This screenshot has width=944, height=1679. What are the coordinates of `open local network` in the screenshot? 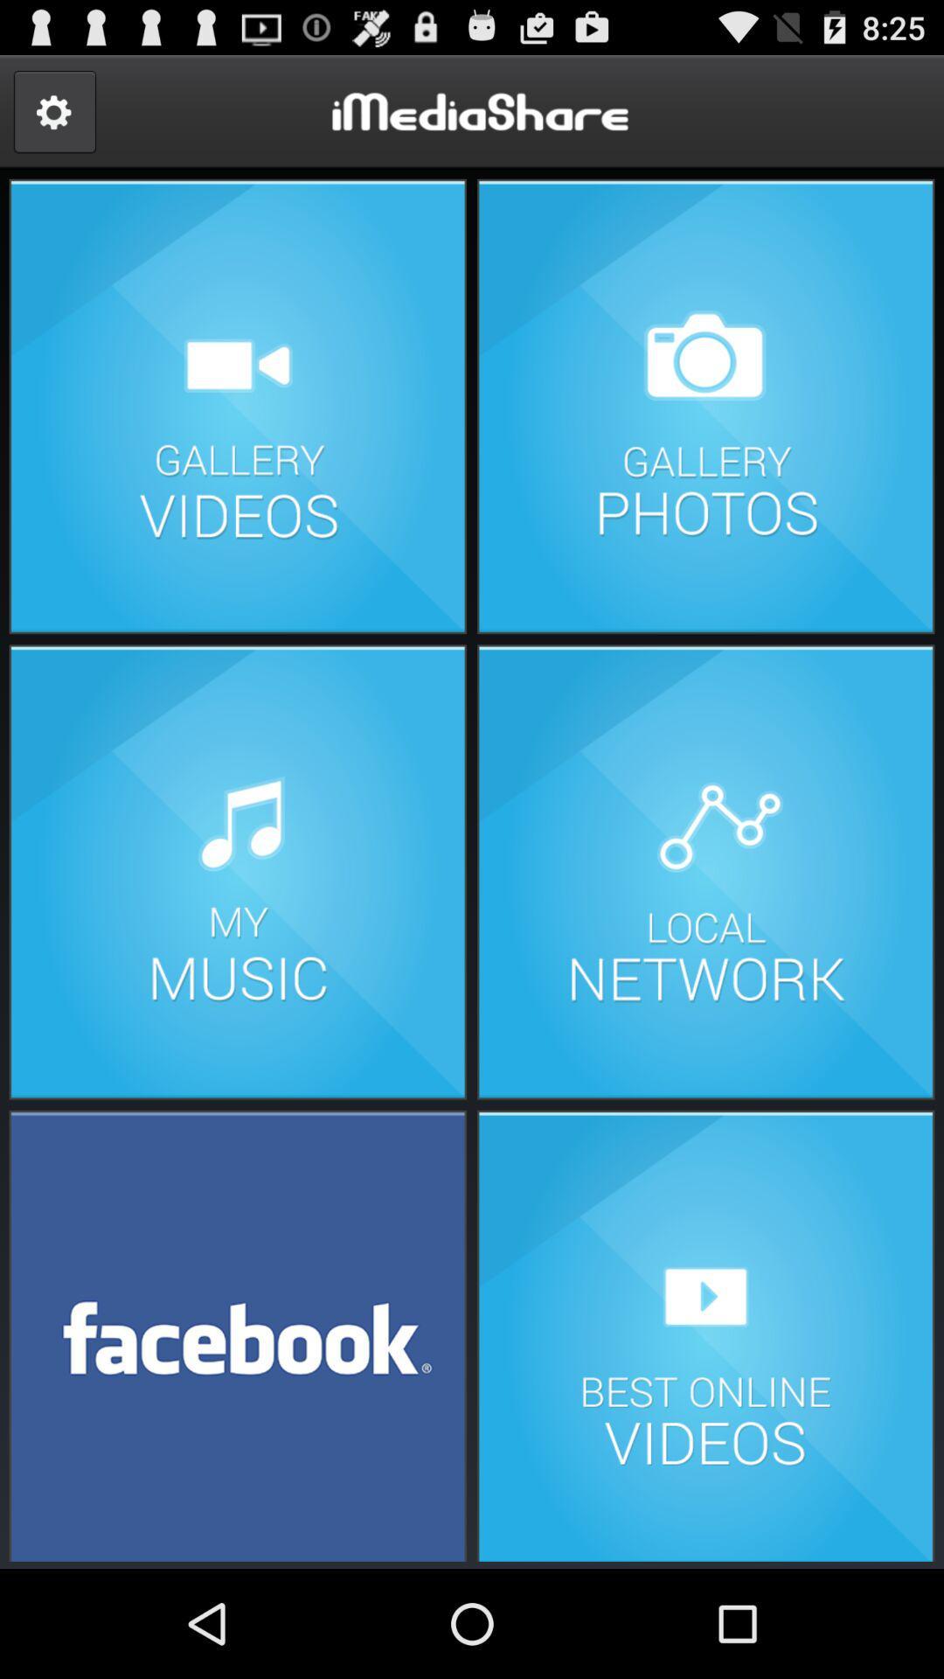 It's located at (705, 872).